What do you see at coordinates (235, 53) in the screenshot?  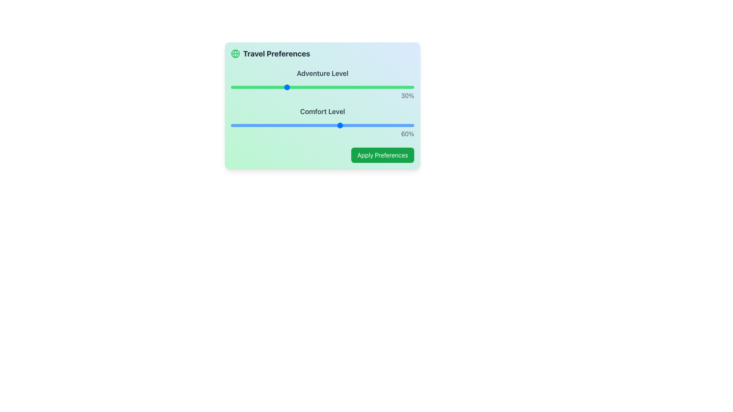 I see `the decorative icon representing 'Travel Preferences' located at the top-left corner of its card, adjacent to the title text` at bounding box center [235, 53].